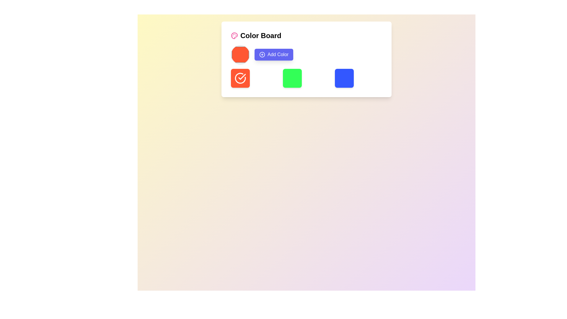 The image size is (567, 319). Describe the element at coordinates (240, 78) in the screenshot. I see `the confirmation icon represented by a checkmark, located in the second square from the left below the 'Color Board' title` at that location.